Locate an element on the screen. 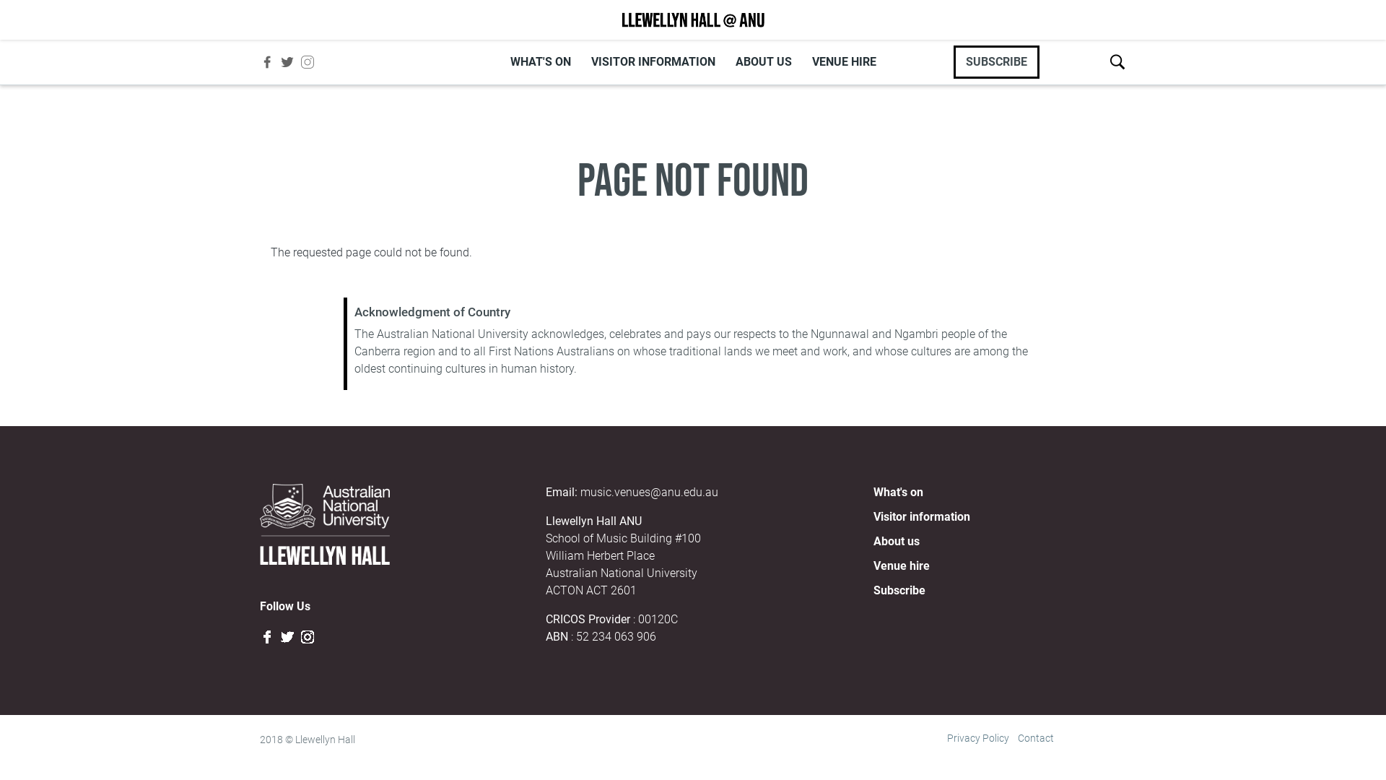 This screenshot has width=1386, height=780. 'What's on' is located at coordinates (872, 491).